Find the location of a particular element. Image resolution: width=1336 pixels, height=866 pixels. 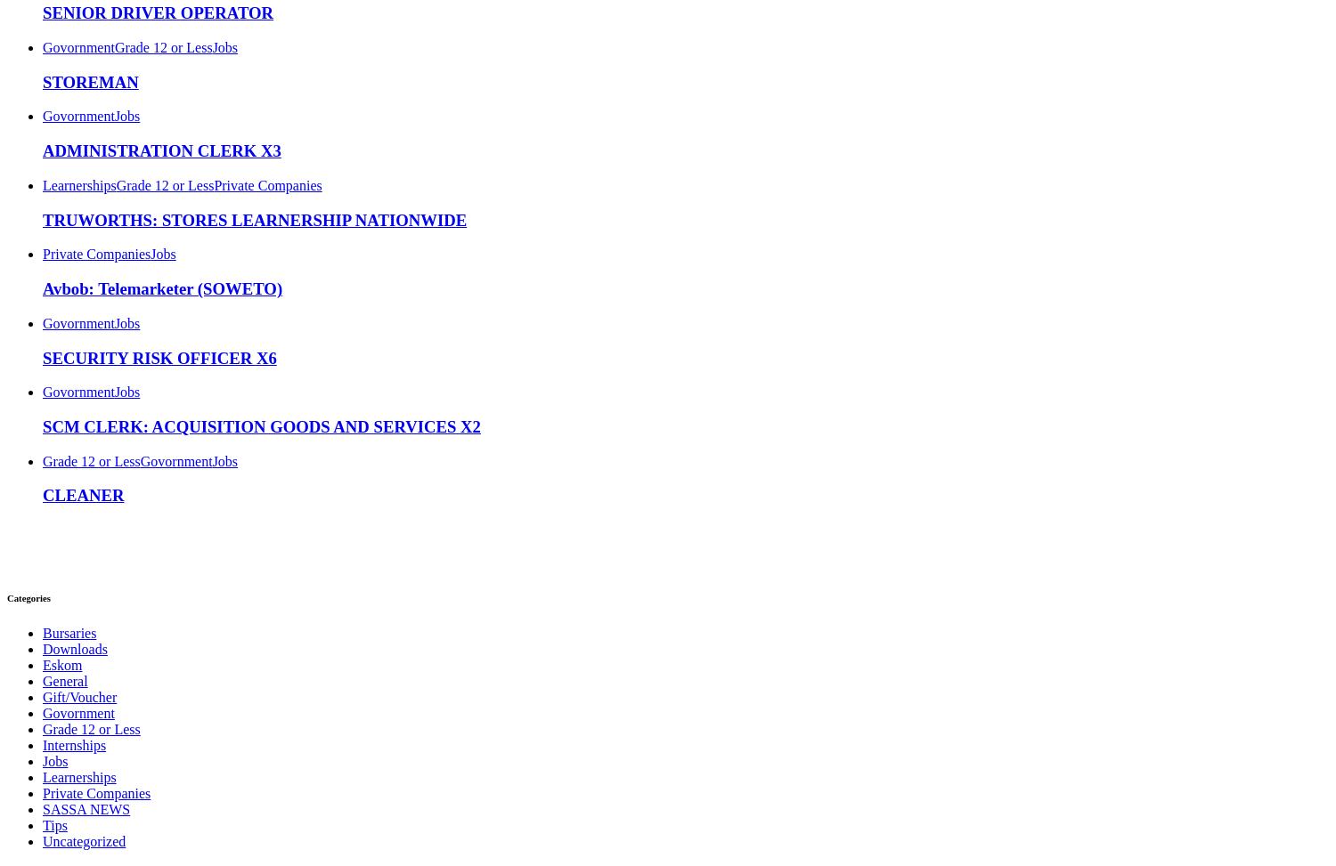

'CLEANER' is located at coordinates (82, 495).